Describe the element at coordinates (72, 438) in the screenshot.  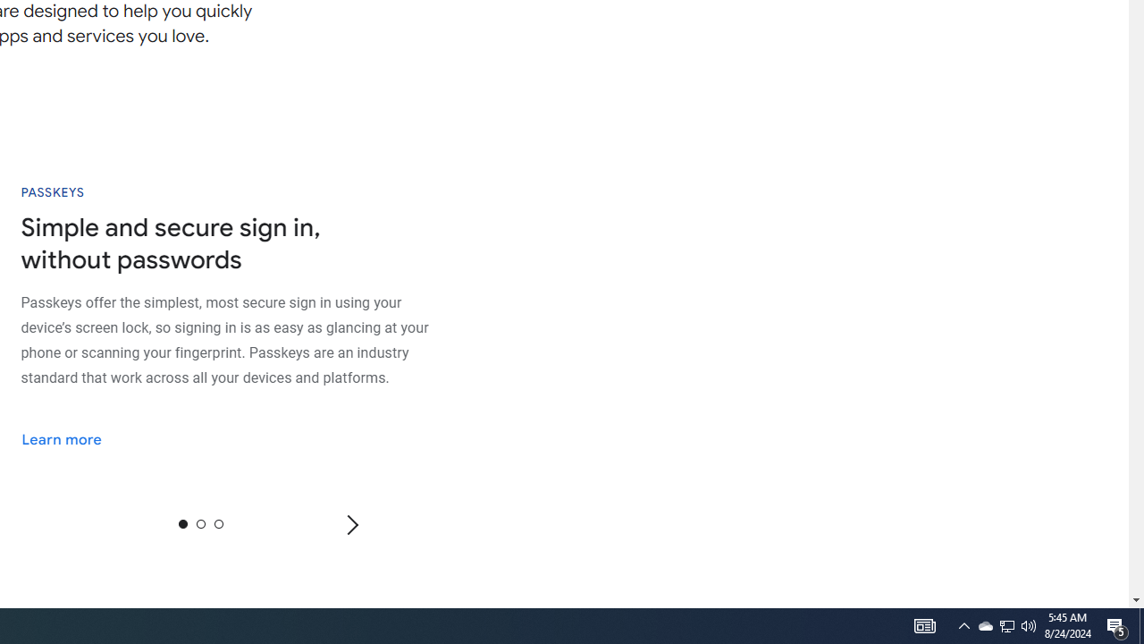
I see `'Learn more'` at that location.